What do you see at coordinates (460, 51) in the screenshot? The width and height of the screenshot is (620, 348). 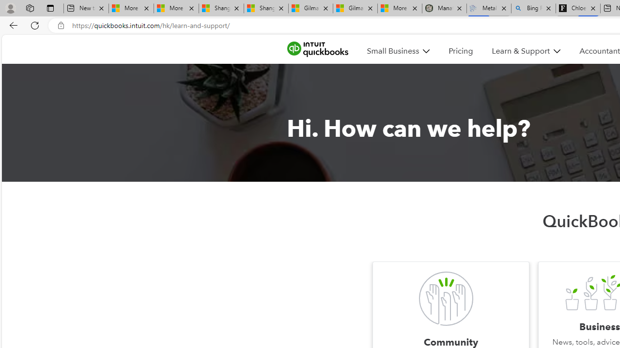 I see `'Pricing'` at bounding box center [460, 51].